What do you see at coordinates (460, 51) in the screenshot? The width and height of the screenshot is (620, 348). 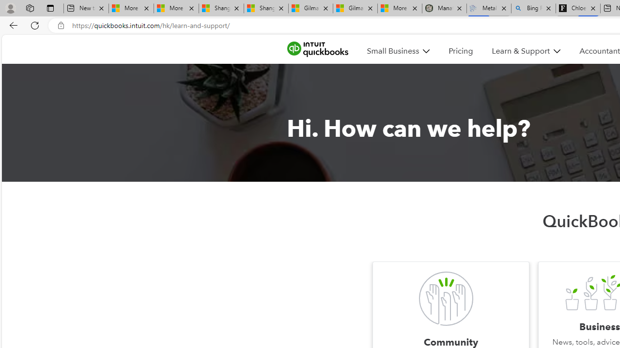 I see `'Pricing'` at bounding box center [460, 51].